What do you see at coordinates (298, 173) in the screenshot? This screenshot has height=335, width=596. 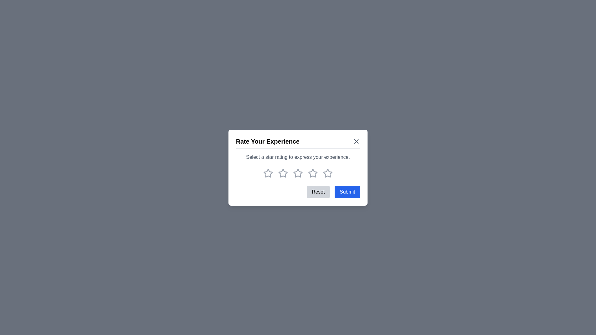 I see `the rating to 3 stars by clicking on the corresponding star` at bounding box center [298, 173].